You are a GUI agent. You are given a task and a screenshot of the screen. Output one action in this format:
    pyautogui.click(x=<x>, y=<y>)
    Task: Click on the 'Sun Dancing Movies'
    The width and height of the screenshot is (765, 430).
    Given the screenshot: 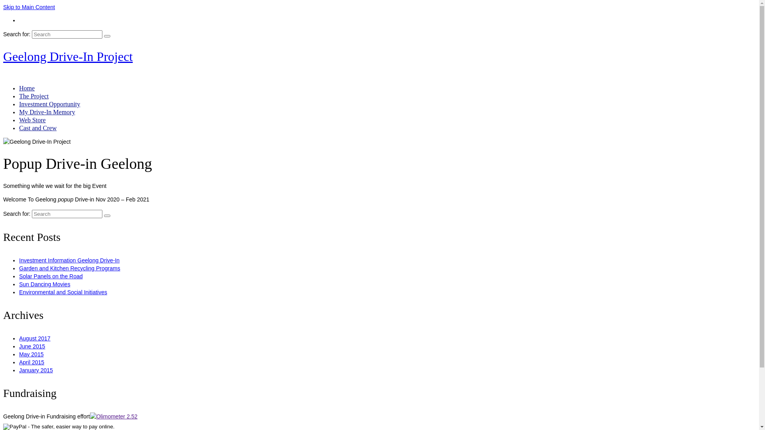 What is the action you would take?
    pyautogui.click(x=44, y=283)
    